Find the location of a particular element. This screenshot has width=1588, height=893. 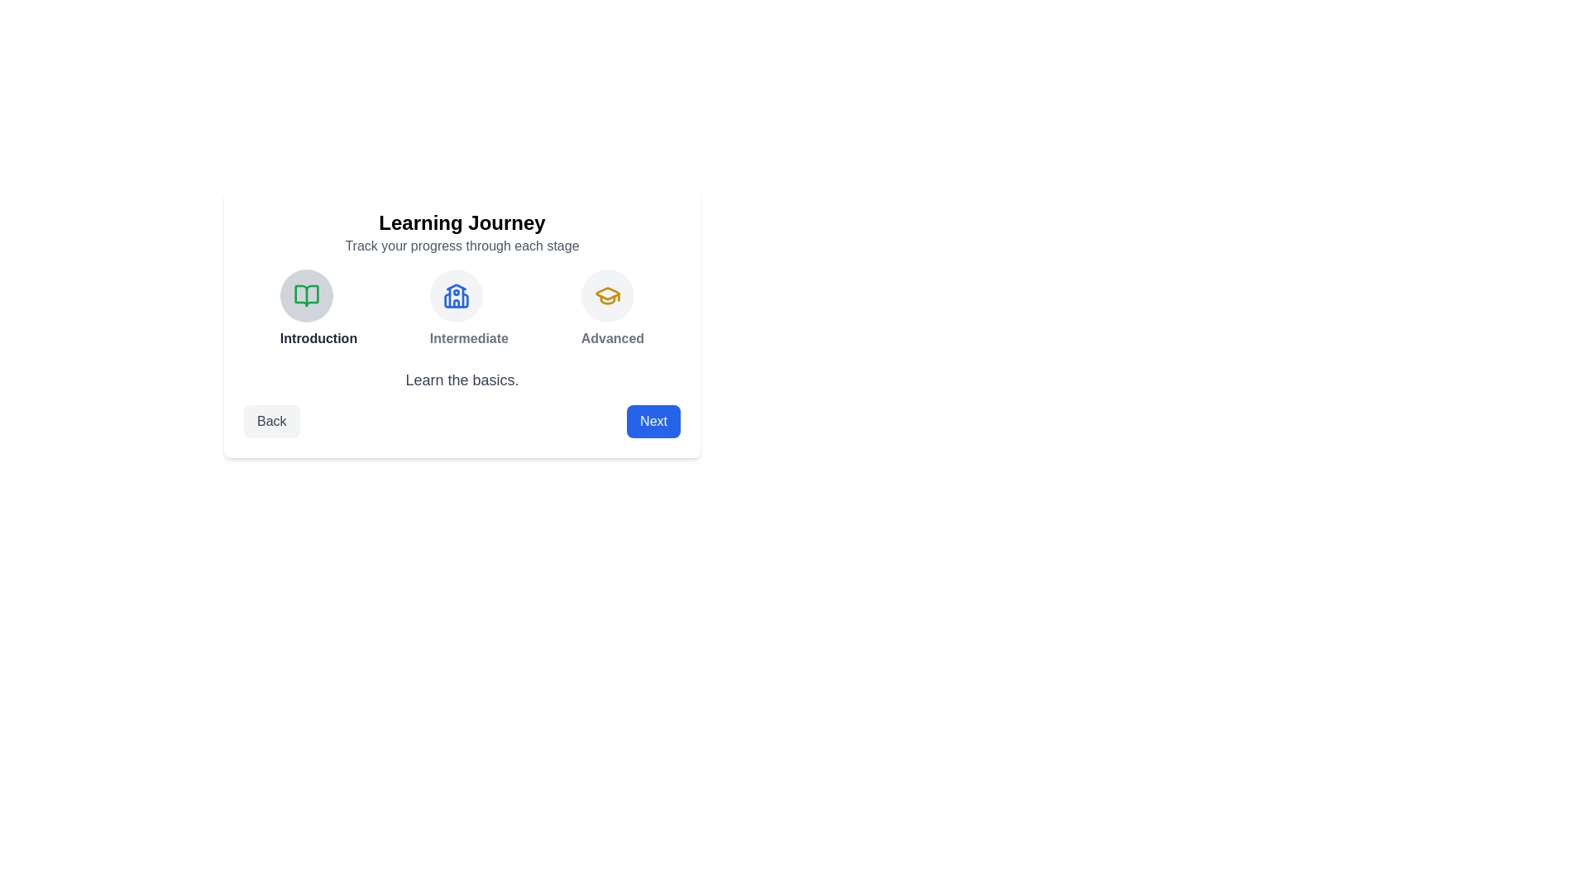

the step icon corresponding to Intermediate to navigate to that step is located at coordinates (456, 295).